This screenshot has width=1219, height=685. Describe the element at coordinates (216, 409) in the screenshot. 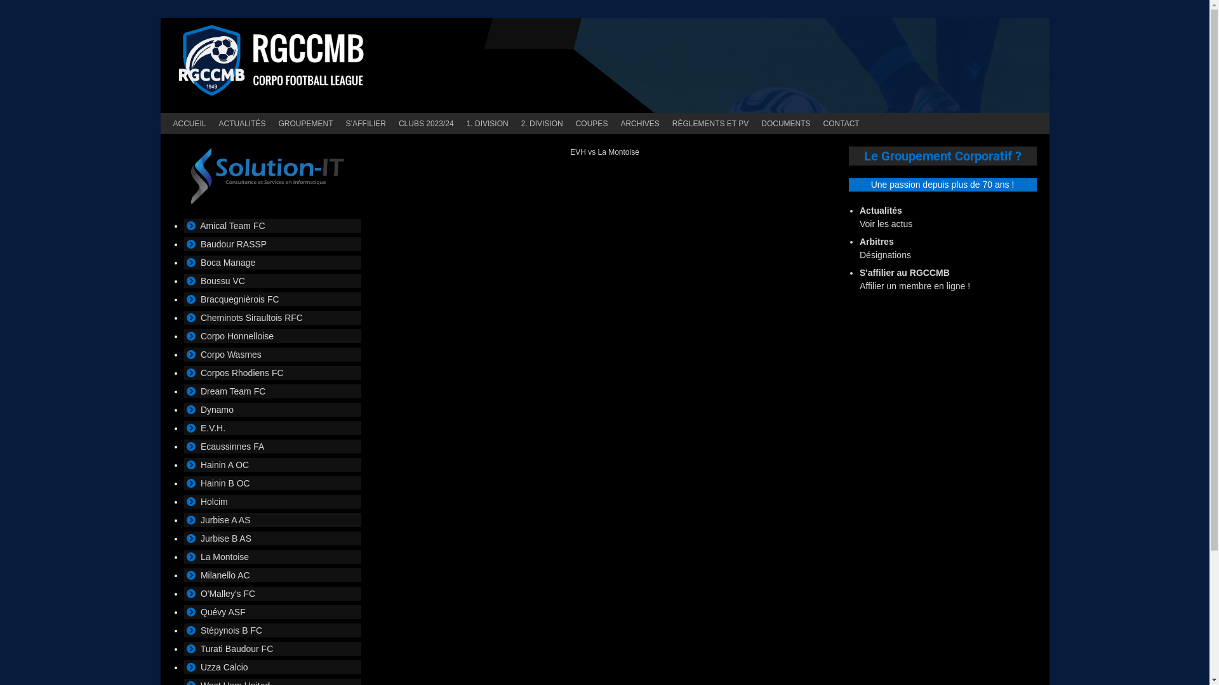

I see `'Dynamo'` at that location.